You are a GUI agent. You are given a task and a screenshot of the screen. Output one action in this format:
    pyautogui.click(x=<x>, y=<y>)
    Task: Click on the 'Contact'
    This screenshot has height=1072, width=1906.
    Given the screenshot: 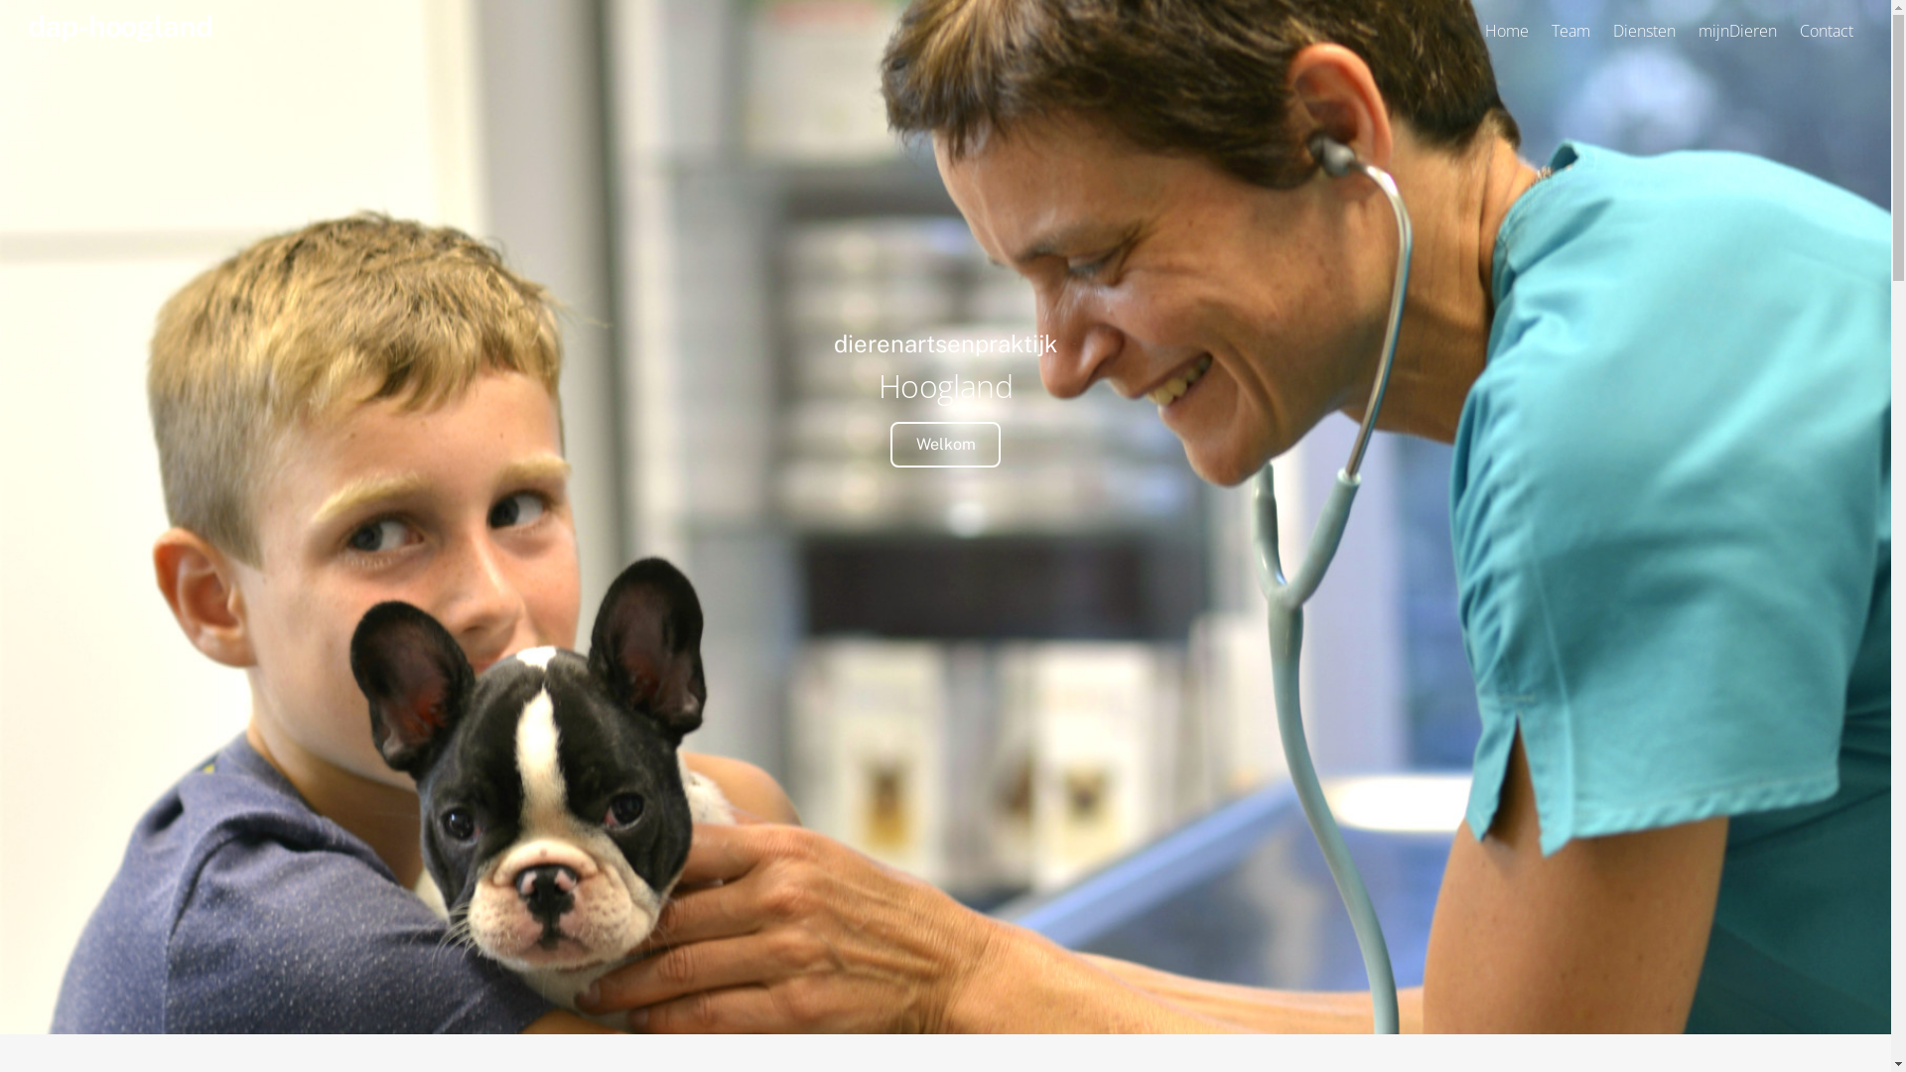 What is the action you would take?
    pyautogui.click(x=1791, y=30)
    